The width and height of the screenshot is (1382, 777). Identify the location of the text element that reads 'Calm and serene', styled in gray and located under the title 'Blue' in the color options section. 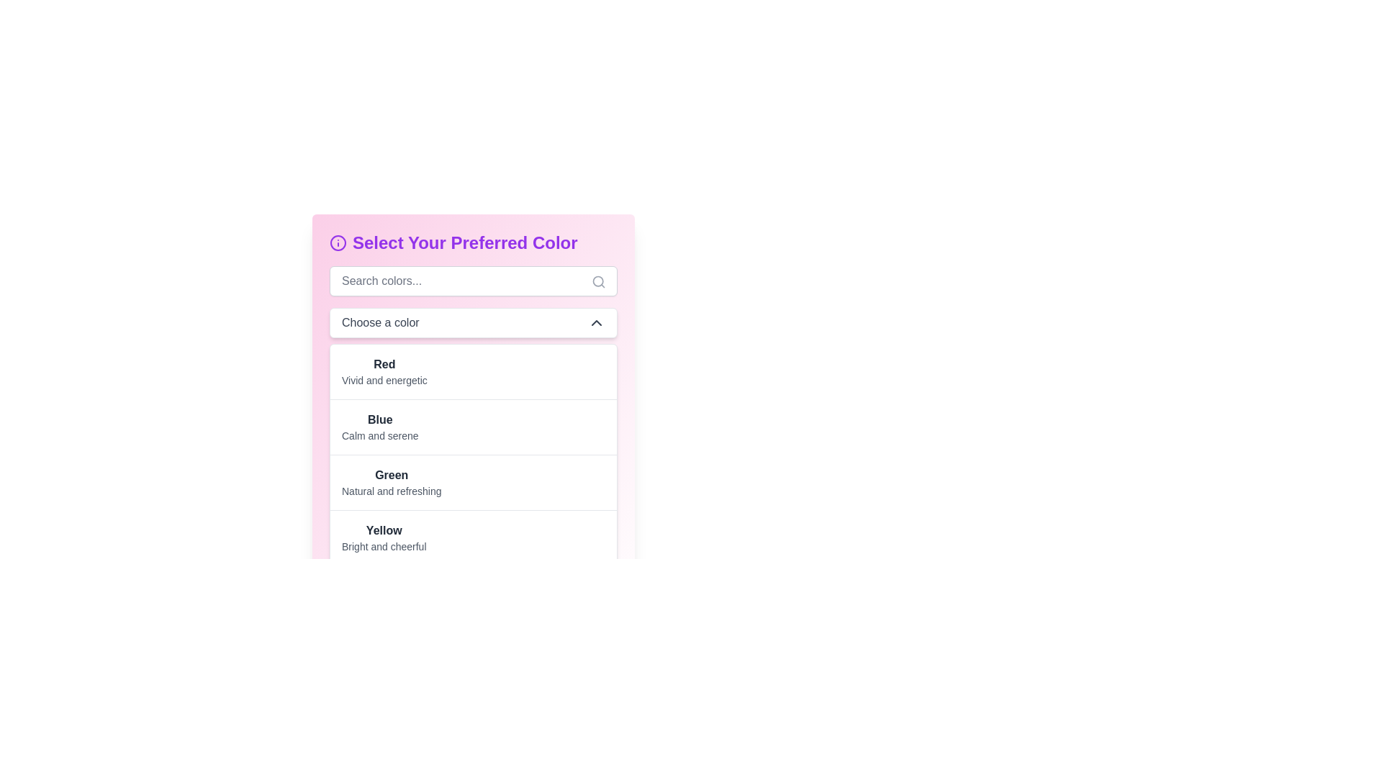
(380, 435).